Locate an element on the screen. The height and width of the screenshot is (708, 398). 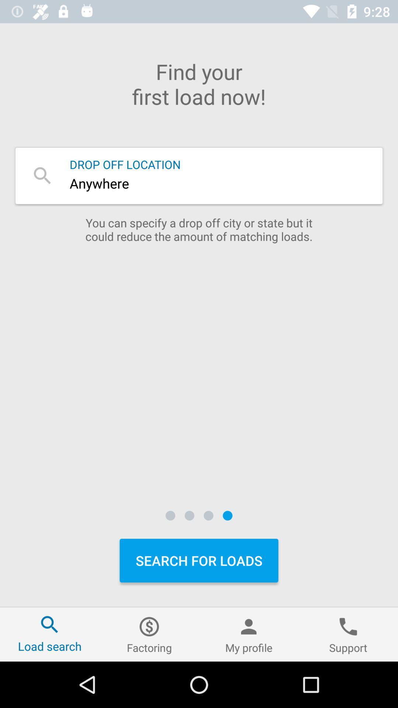
icon next to support icon is located at coordinates (249, 634).